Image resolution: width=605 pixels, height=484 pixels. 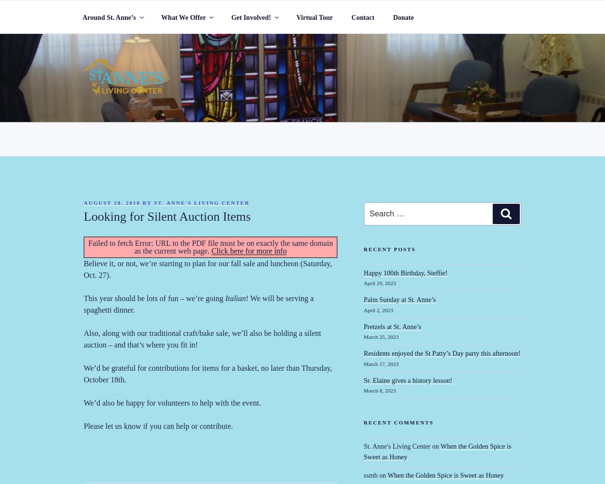 I want to click on 'August 28, 2018', so click(x=111, y=203).